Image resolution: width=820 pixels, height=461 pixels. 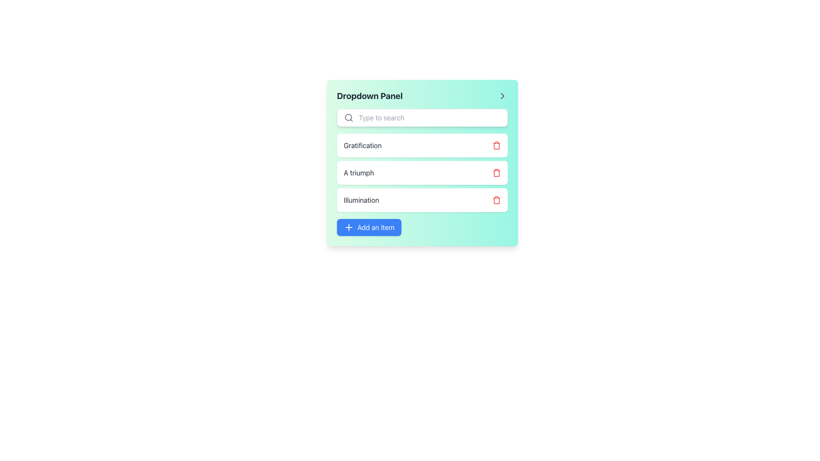 What do you see at coordinates (422, 200) in the screenshot?
I see `the 'Illumination' list item` at bounding box center [422, 200].